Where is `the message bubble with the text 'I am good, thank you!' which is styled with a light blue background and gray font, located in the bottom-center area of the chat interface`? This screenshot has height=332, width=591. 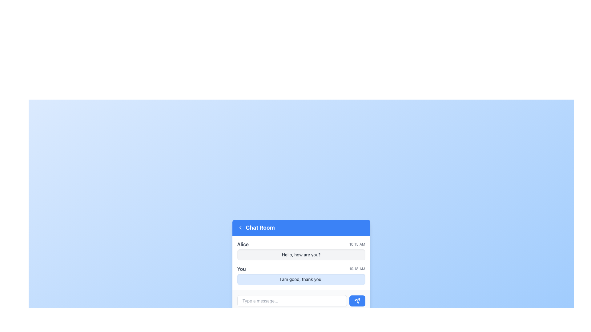
the message bubble with the text 'I am good, thank you!' which is styled with a light blue background and gray font, located in the bottom-center area of the chat interface is located at coordinates (301, 279).